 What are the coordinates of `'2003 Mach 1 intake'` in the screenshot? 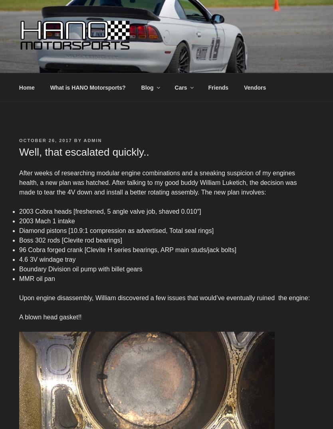 It's located at (46, 221).